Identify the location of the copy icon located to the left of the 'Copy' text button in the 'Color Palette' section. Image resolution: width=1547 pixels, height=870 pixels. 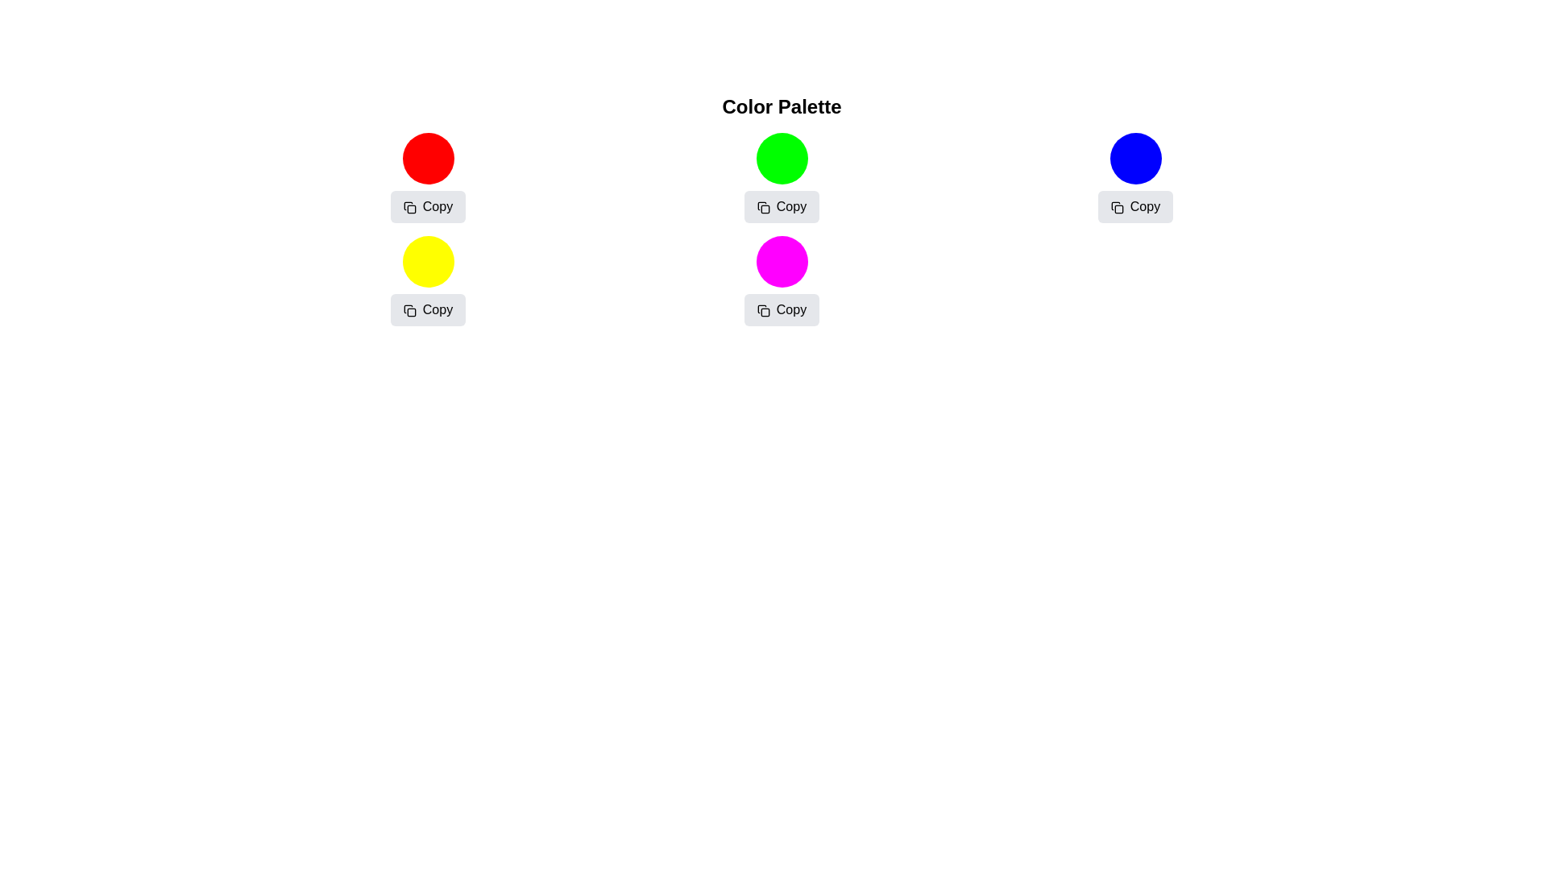
(762, 310).